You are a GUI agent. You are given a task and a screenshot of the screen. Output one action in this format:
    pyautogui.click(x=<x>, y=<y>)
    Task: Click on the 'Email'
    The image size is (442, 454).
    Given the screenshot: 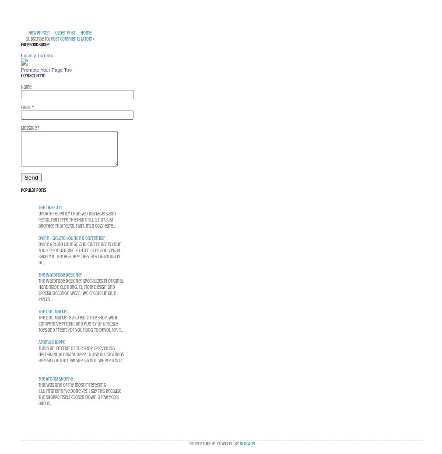 What is the action you would take?
    pyautogui.click(x=26, y=107)
    